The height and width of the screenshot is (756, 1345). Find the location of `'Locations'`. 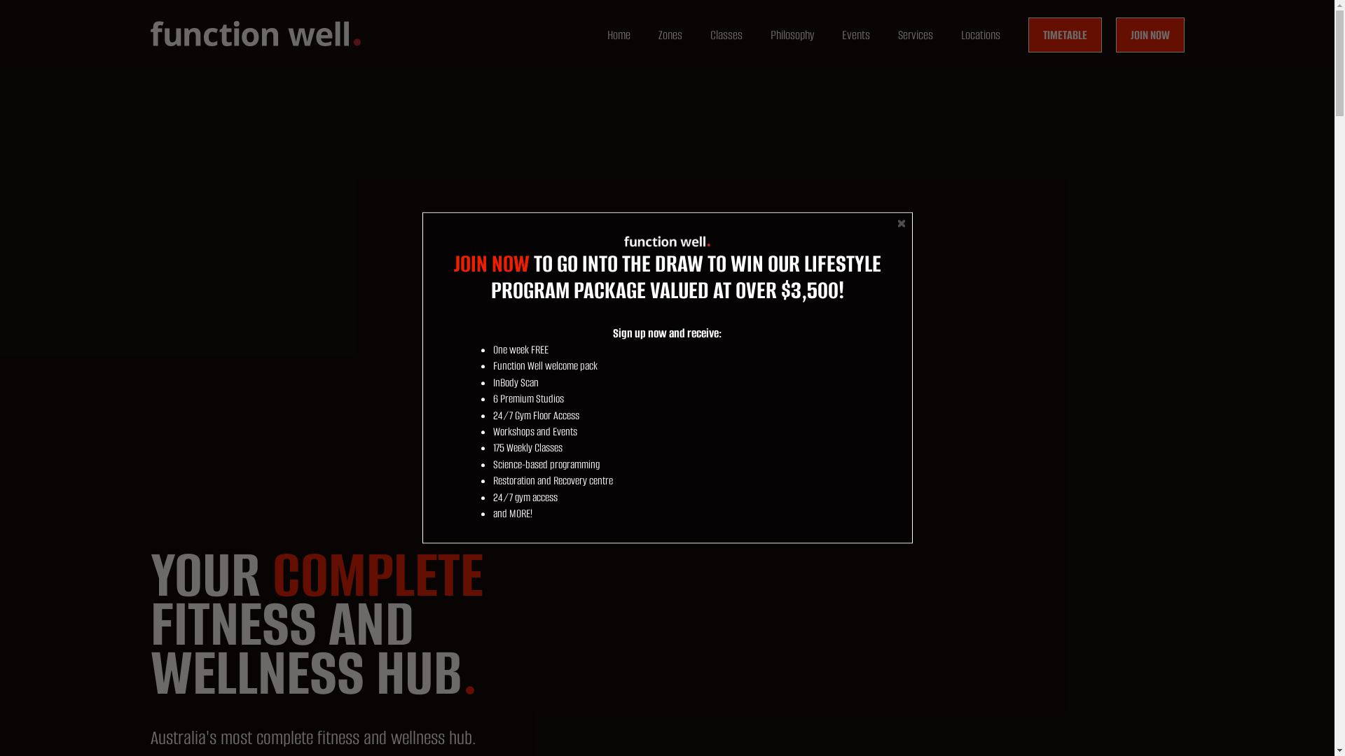

'Locations' is located at coordinates (980, 34).